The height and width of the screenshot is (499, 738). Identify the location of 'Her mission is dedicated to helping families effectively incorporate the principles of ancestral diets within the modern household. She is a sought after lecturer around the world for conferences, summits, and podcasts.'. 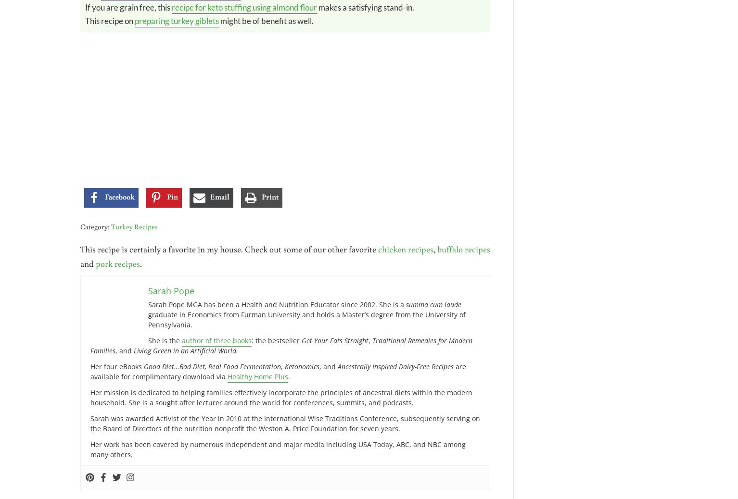
(281, 397).